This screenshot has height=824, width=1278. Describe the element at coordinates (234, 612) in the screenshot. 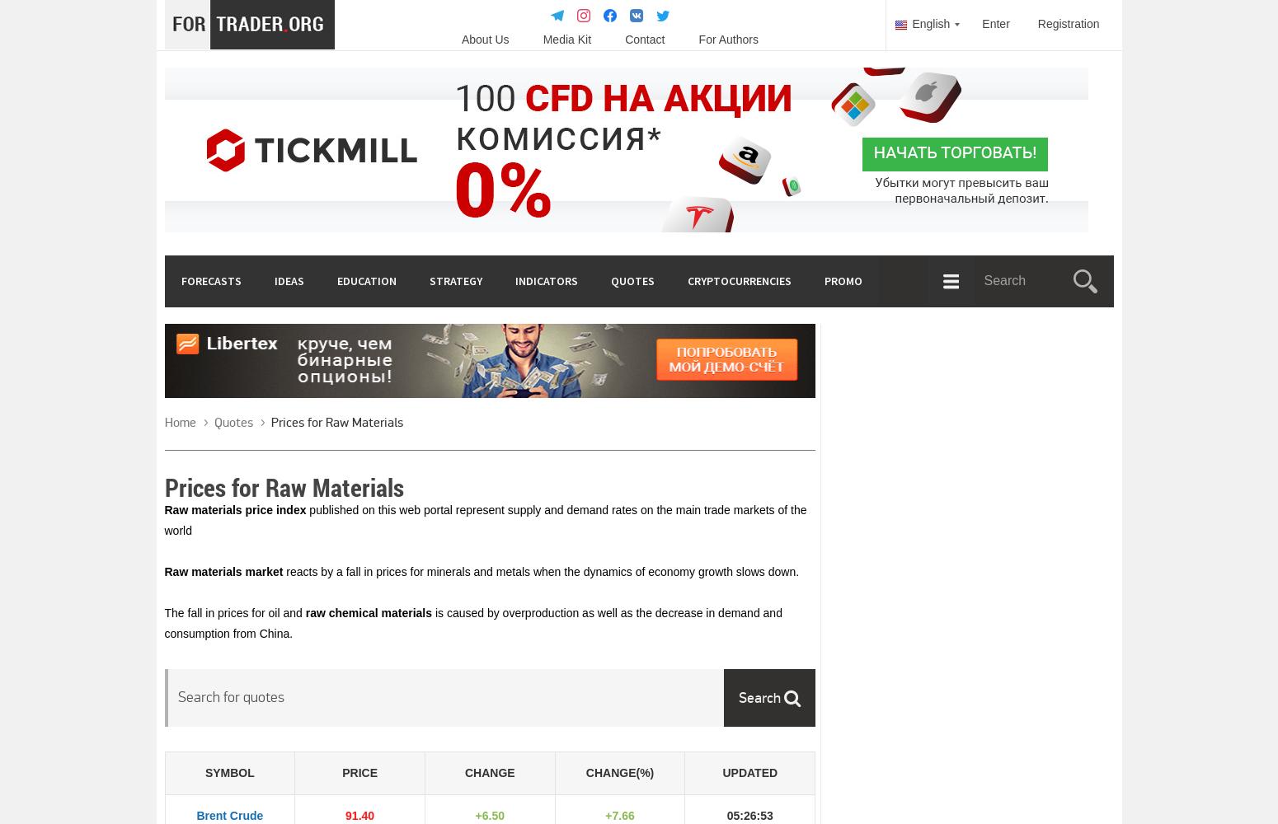

I see `'The fall in prices for oil and'` at that location.